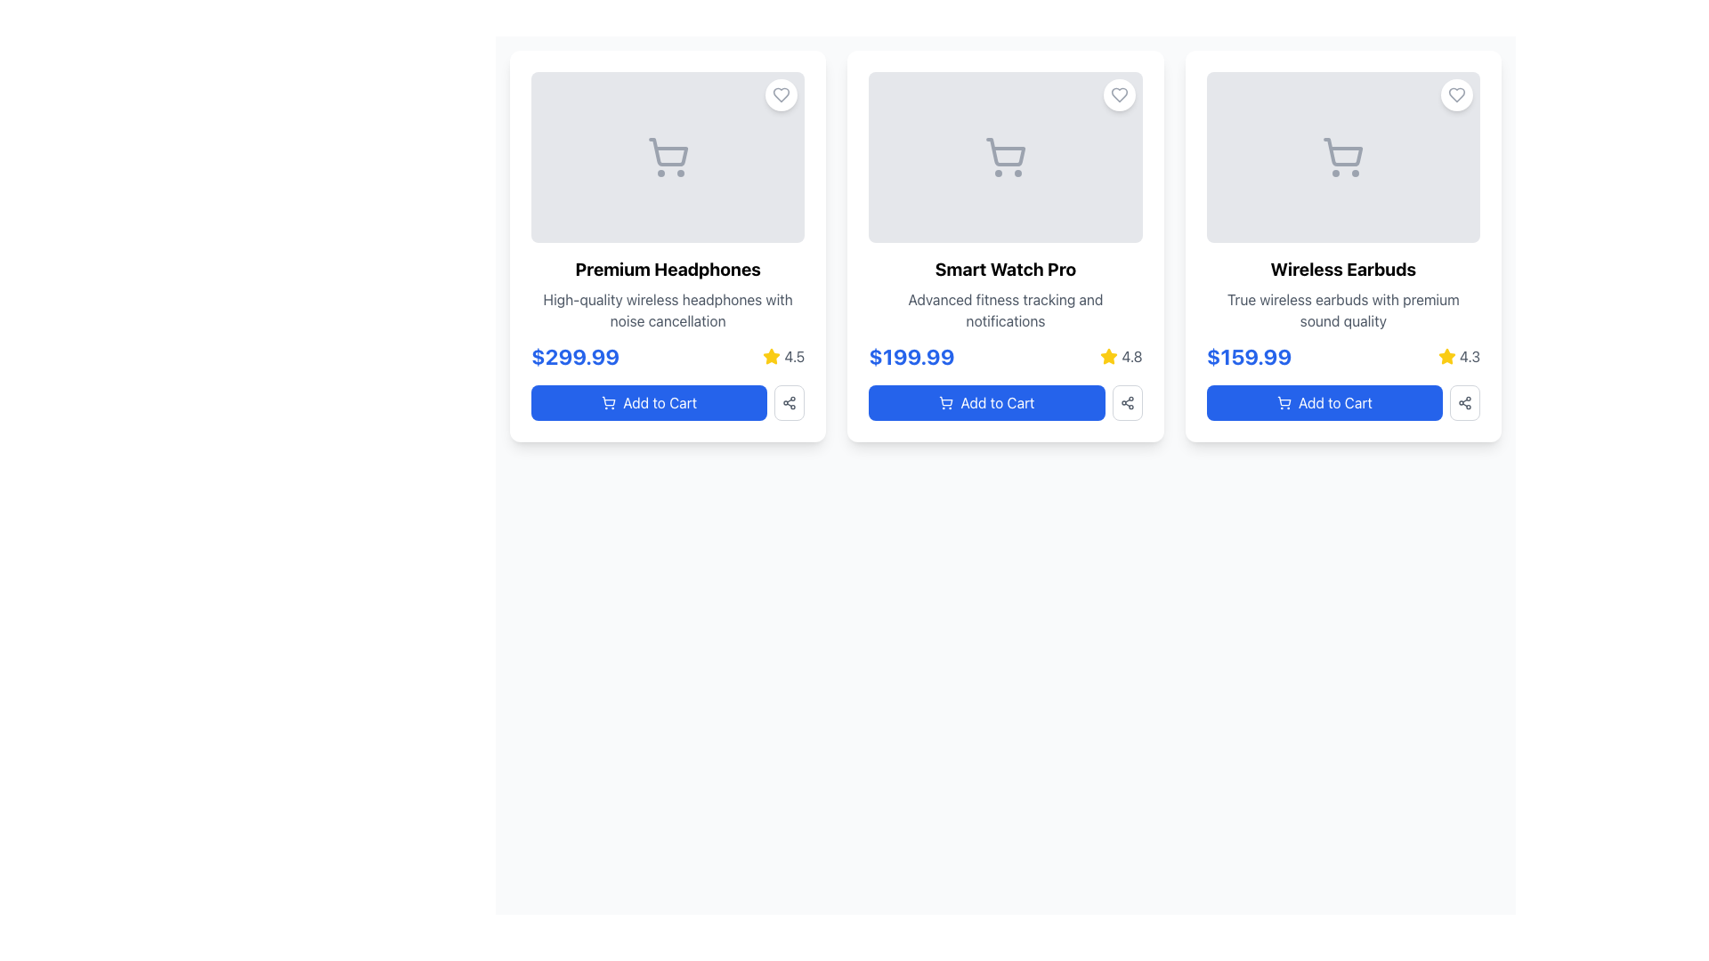  I want to click on the Rating indicator located in the second card from the left, below 'Smart Watch Pro' and above the 'Add, so click(1121, 357).